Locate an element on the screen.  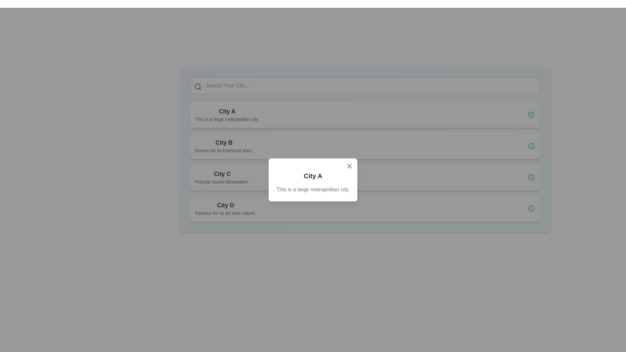
the static text that serves as a descriptive subtitle for 'City B', located beneath the title 'City B' in the vertically stacked list layout is located at coordinates (224, 151).